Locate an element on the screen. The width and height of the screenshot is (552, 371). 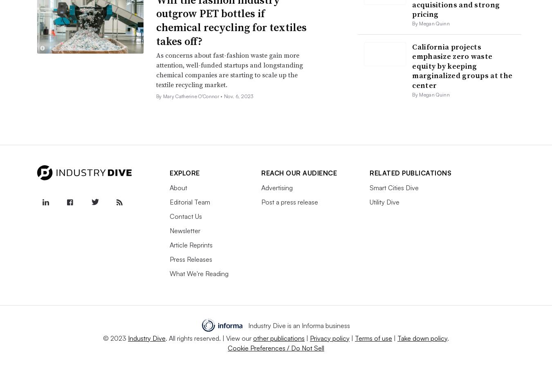
'Privacy policy' is located at coordinates (310, 337).